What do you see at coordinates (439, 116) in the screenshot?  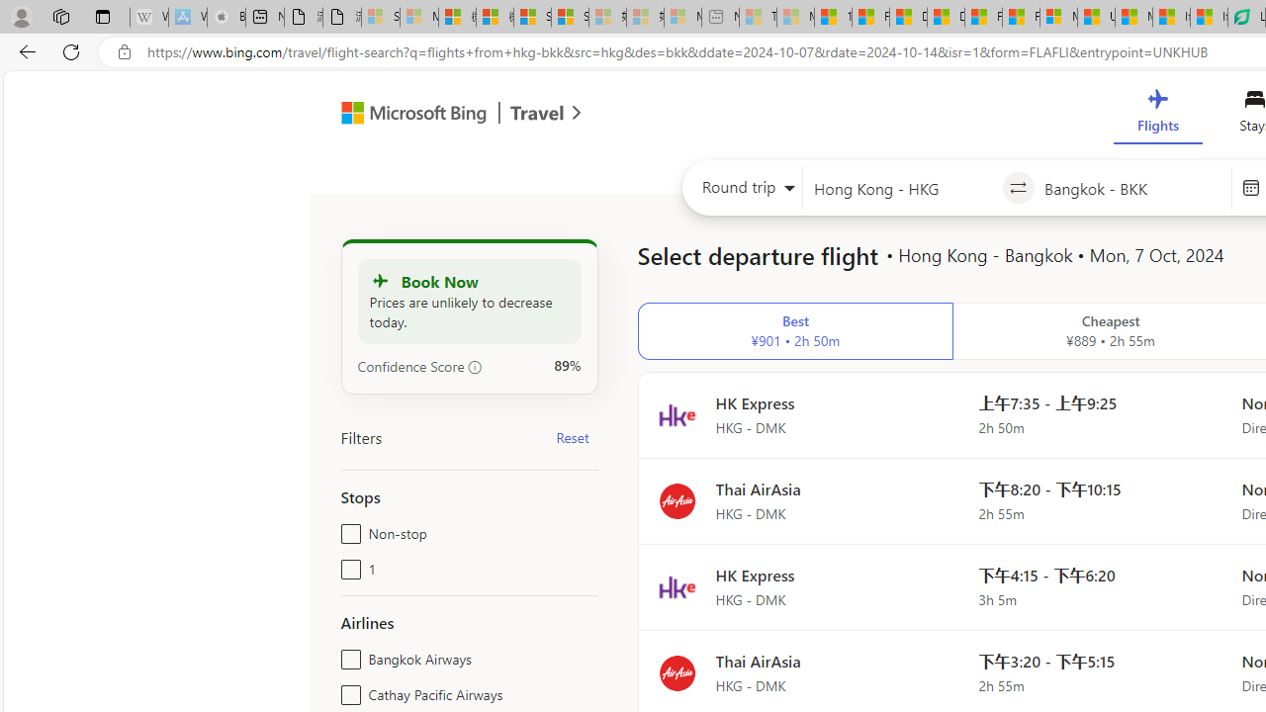 I see `'Microsoft Bing Travel'` at bounding box center [439, 116].